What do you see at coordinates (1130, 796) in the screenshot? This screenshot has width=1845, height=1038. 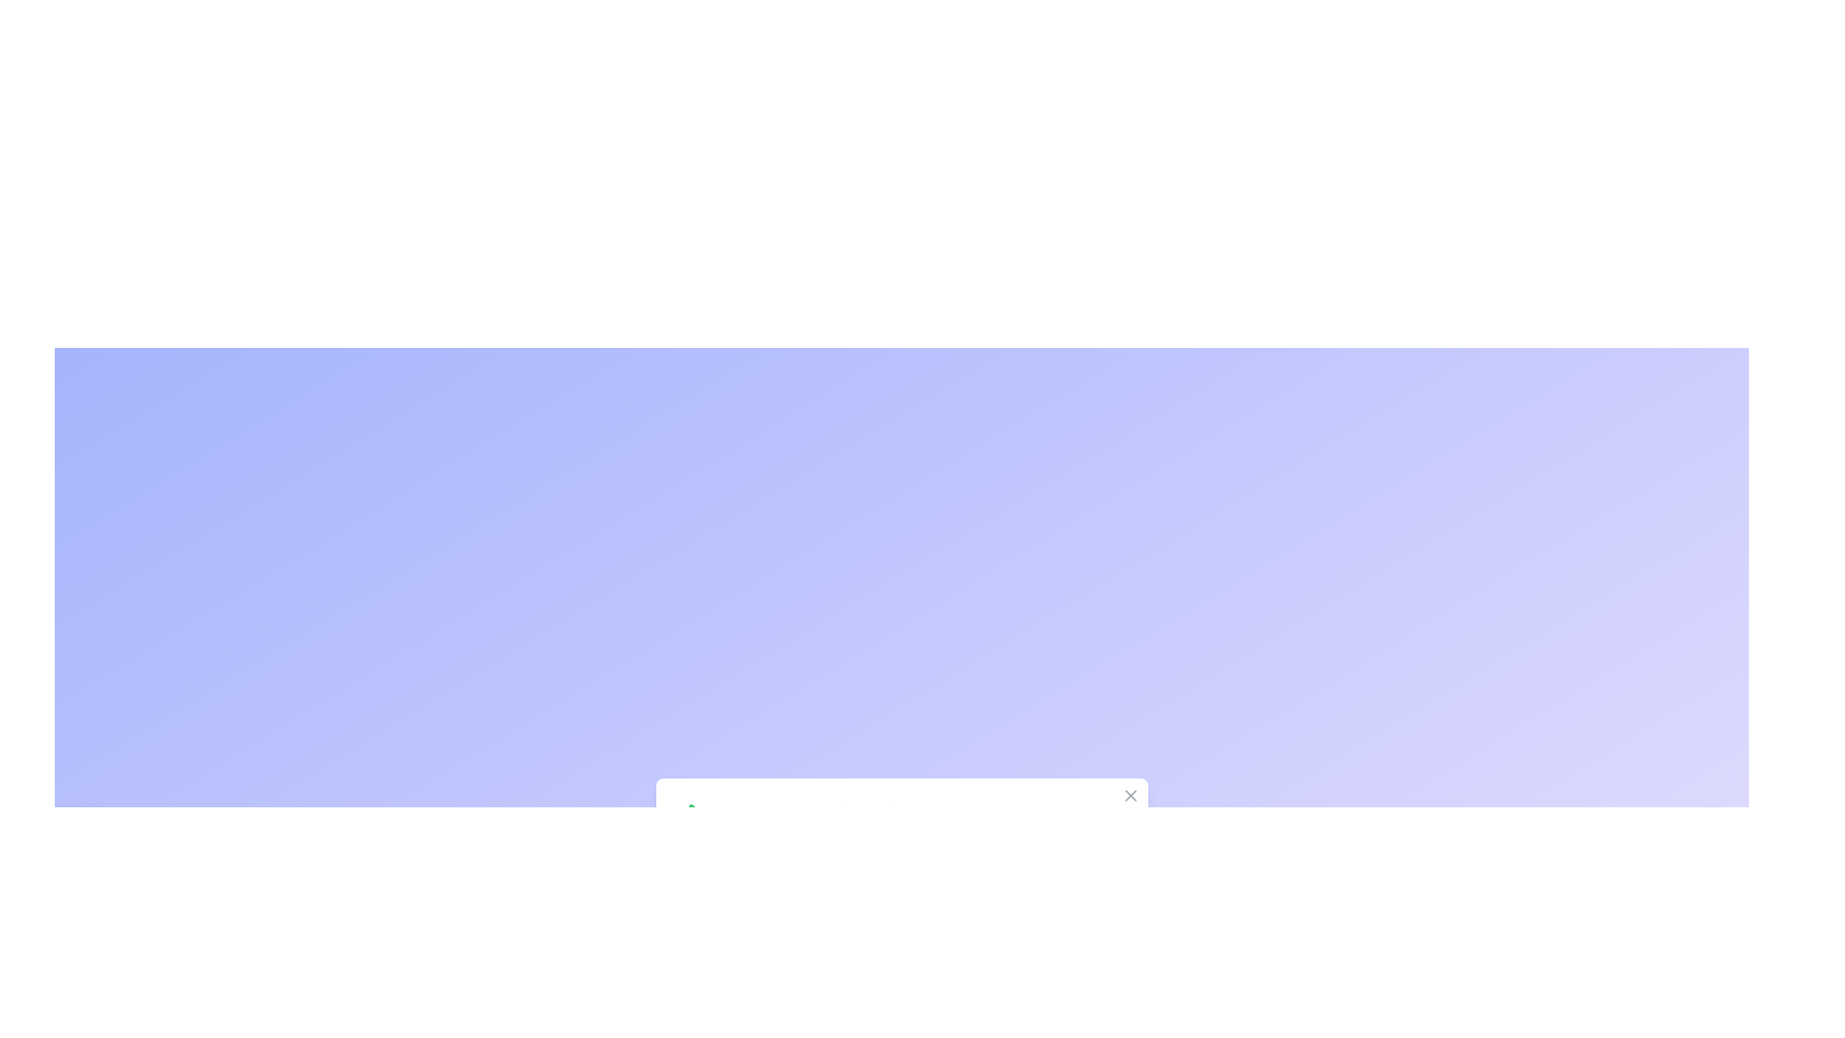 I see `the Cross Icon located at the far-right end of the bottom section` at bounding box center [1130, 796].